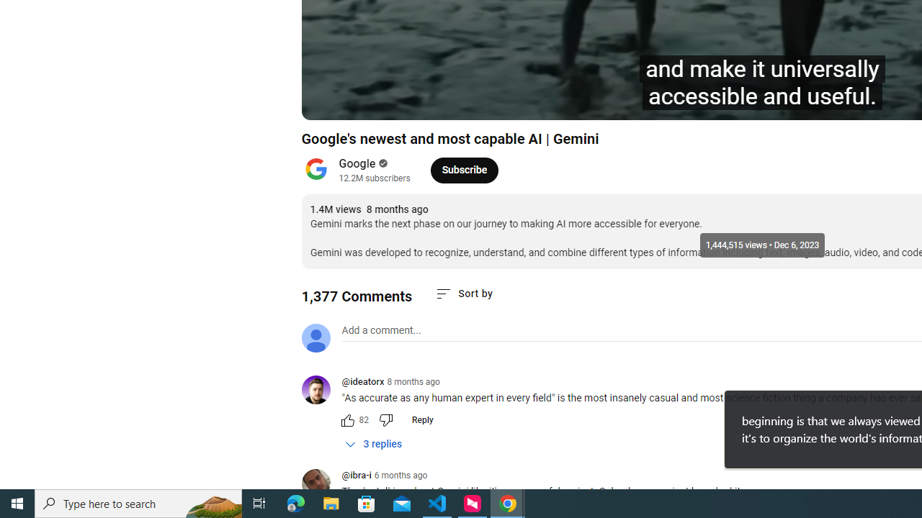 This screenshot has width=922, height=518. I want to click on 'Default profile photo', so click(315, 338).